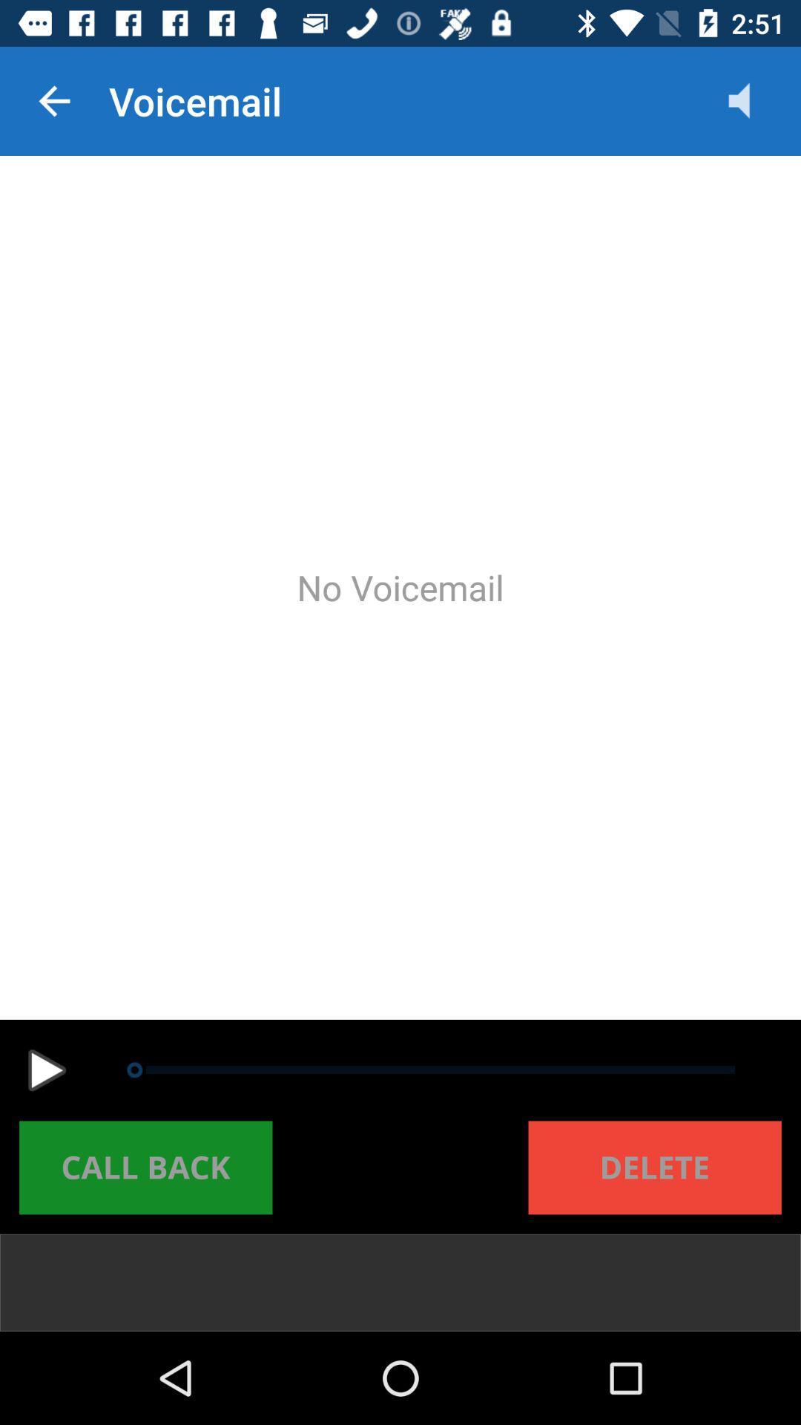  Describe the element at coordinates (46, 1070) in the screenshot. I see `voicemail` at that location.